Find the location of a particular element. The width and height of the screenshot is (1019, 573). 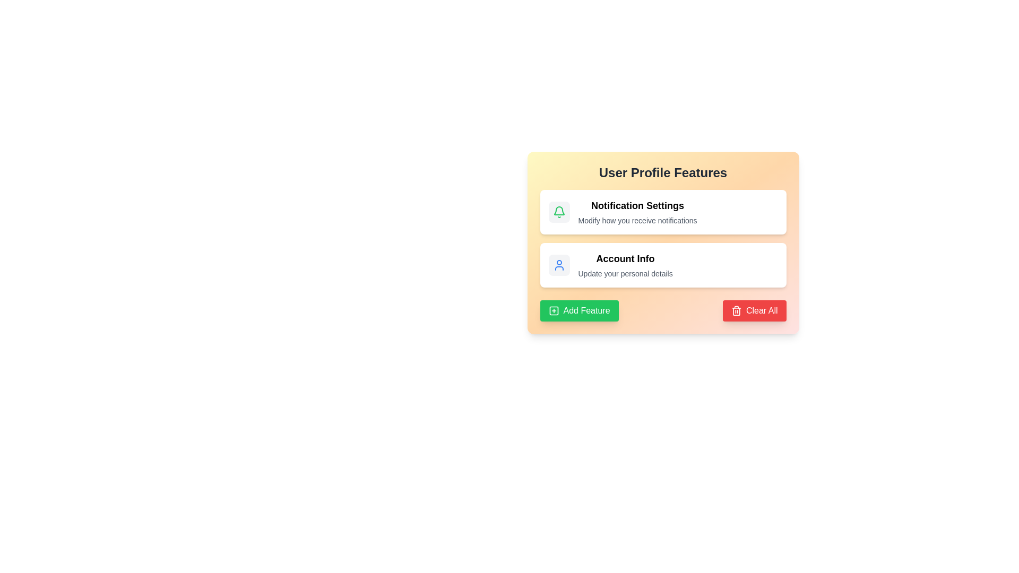

text block that provides the title and description for the 'Notification Settings' feature, located in the upper half of the 'User Profile Features' card, to the right of a green bell icon is located at coordinates (637, 212).